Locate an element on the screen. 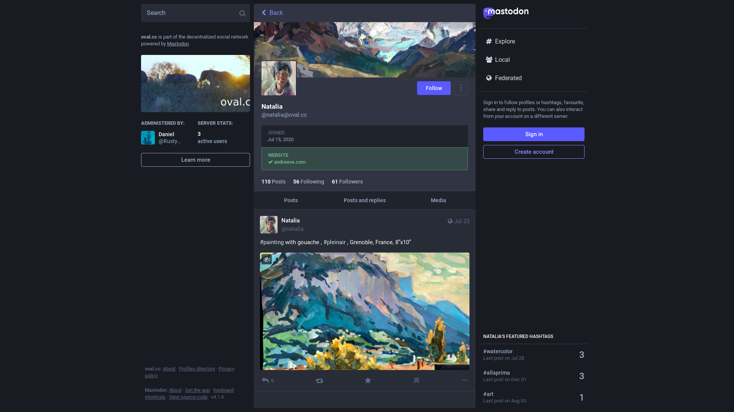 The height and width of the screenshot is (412, 734). 'View source code' is located at coordinates (188, 396).